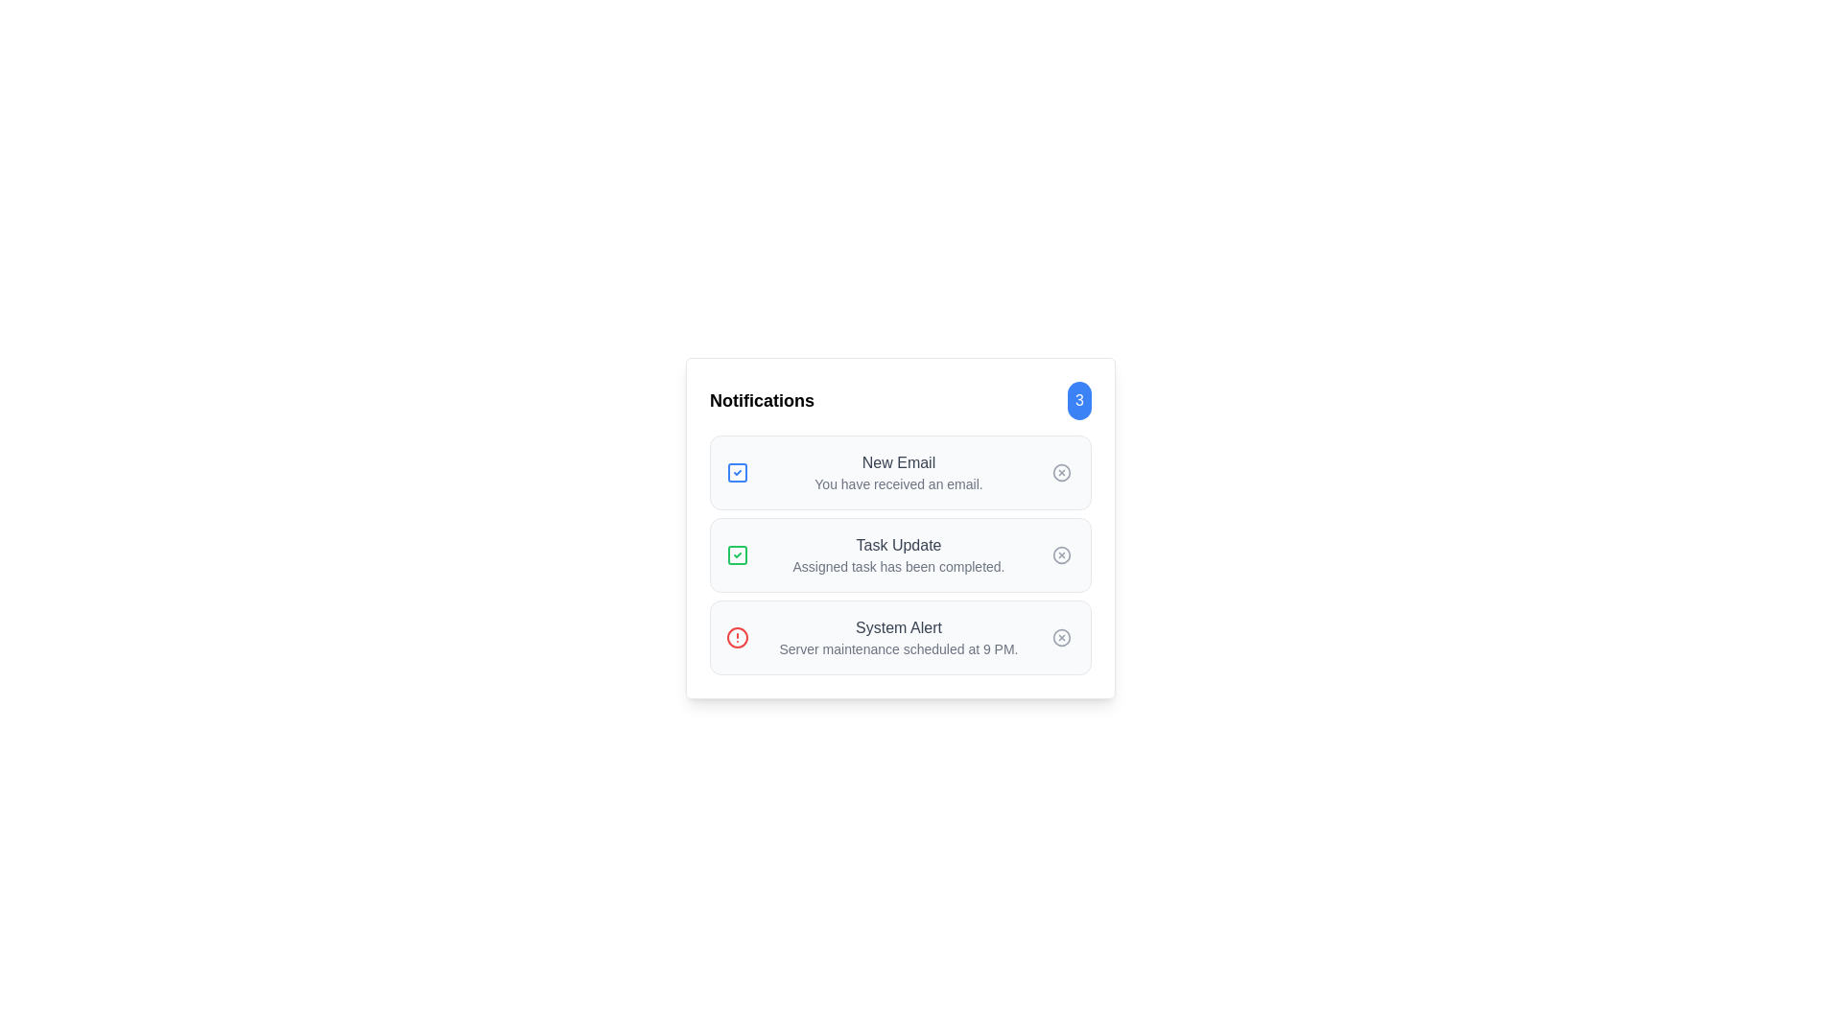 Image resolution: width=1842 pixels, height=1036 pixels. I want to click on bold, large-sized text label displaying the word 'Notifications' located at the top-left corner of the notifications menu, so click(761, 399).